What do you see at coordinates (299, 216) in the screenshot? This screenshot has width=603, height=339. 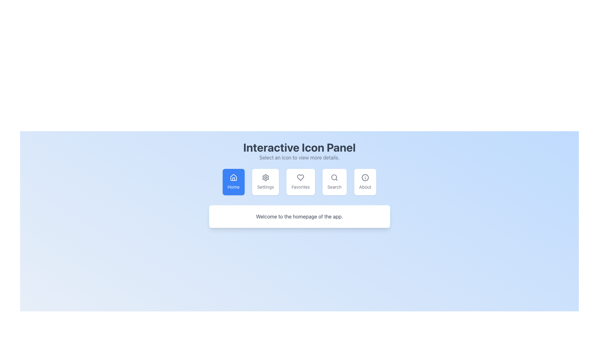 I see `the static text element reading 'Welcome to the homepage of the app.' which is styled in light gray and positioned at the bottom-center of a rounded white panel` at bounding box center [299, 216].